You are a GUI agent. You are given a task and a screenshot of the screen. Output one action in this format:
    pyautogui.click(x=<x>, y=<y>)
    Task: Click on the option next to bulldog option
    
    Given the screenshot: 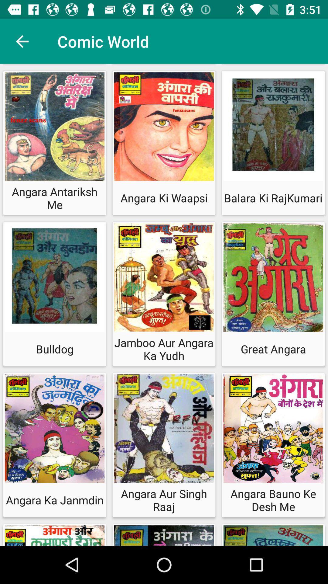 What is the action you would take?
    pyautogui.click(x=164, y=294)
    